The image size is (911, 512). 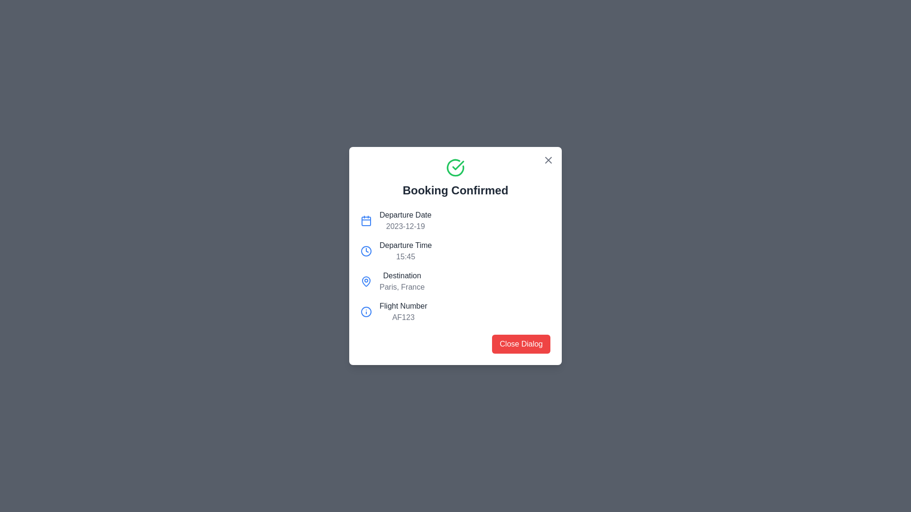 What do you see at coordinates (366, 250) in the screenshot?
I see `the clock icon located to the left of the 'Departure Time' label within the confirmation dialog box` at bounding box center [366, 250].